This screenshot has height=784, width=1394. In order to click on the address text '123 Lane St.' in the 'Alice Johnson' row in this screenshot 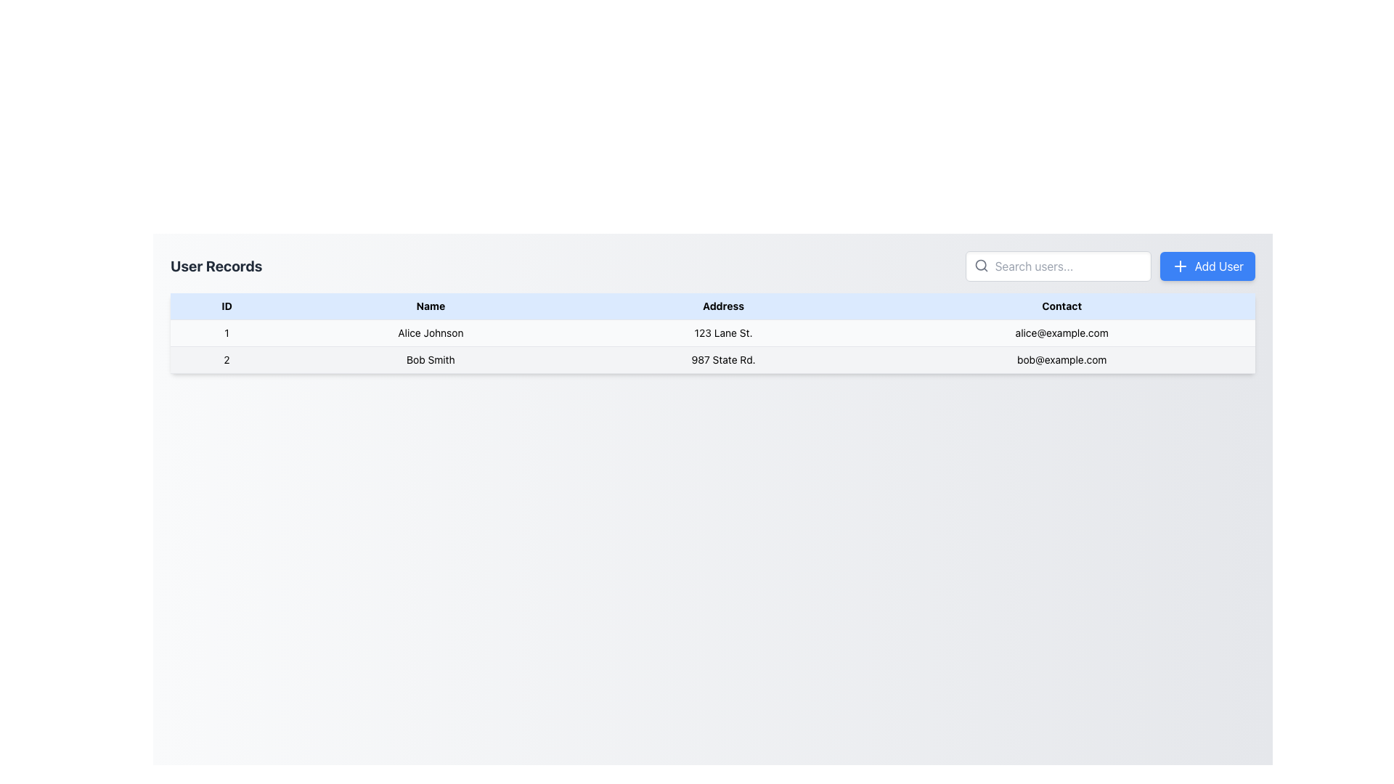, I will do `click(723, 333)`.